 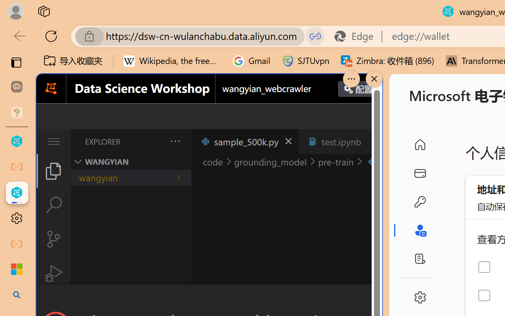 What do you see at coordinates (53, 171) in the screenshot?
I see `'Explorer (Ctrl+Shift+E)'` at bounding box center [53, 171].